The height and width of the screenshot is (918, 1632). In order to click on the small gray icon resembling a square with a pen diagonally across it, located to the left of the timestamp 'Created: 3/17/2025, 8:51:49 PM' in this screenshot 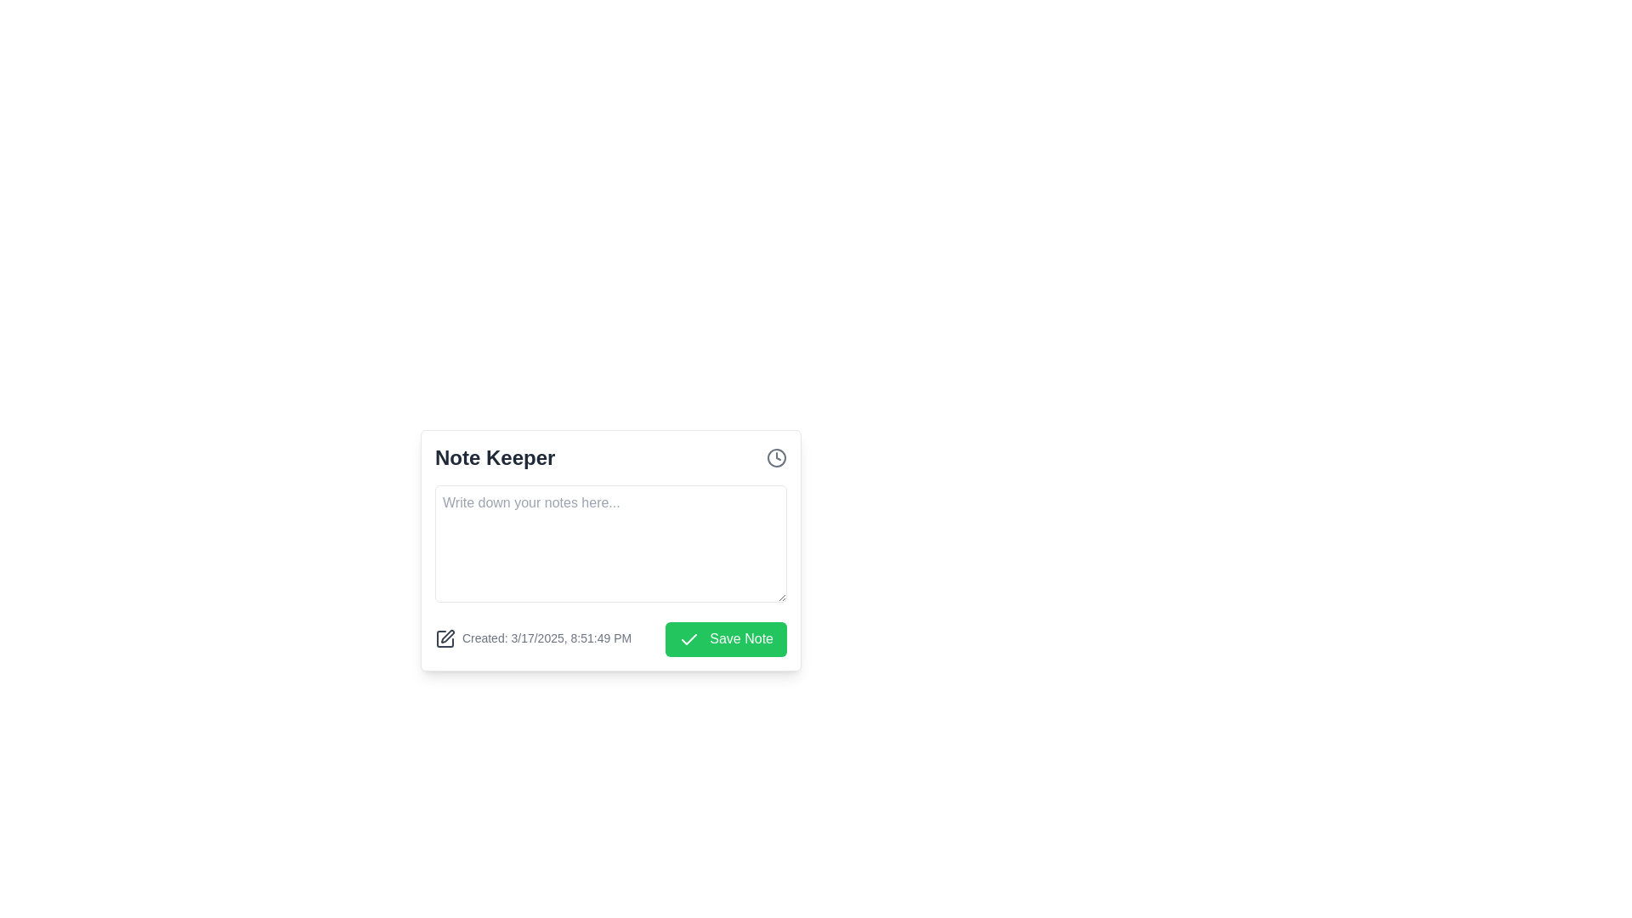, I will do `click(445, 639)`.